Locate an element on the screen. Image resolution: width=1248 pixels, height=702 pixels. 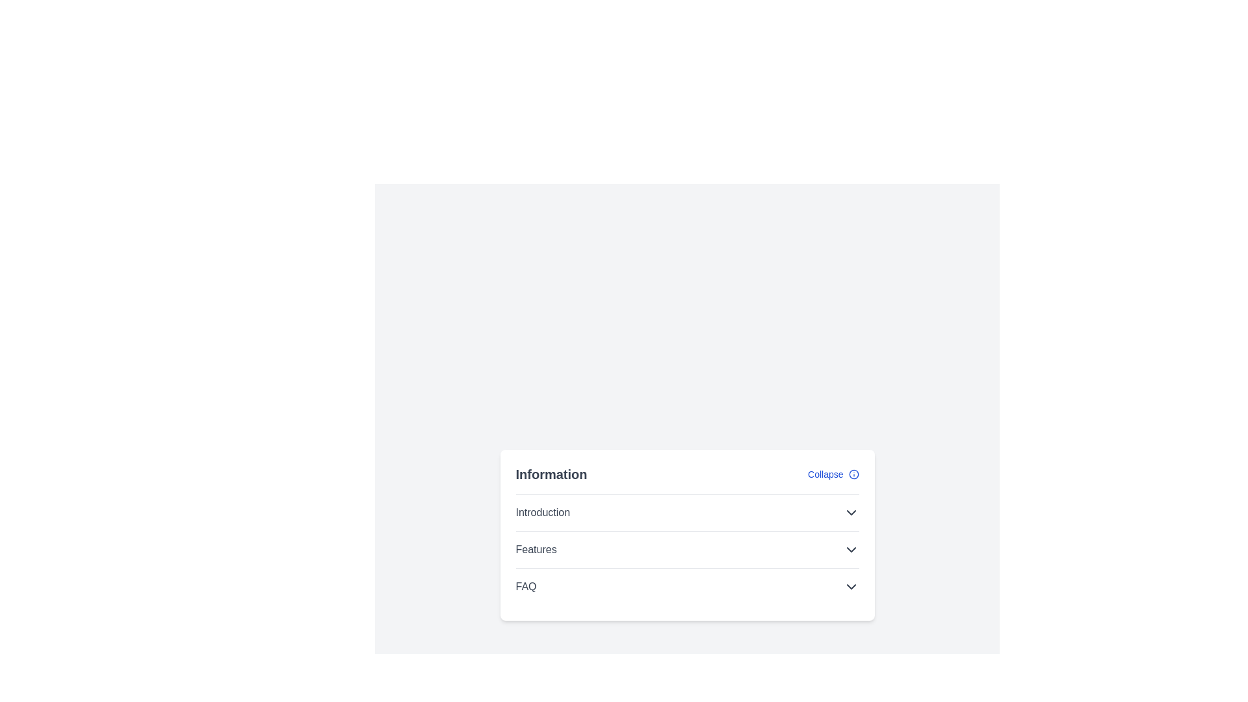
circular SVG graphic element located in the top-right corner of the 'Information' group, adjacent to the 'Collapse' text, to analyze its properties is located at coordinates (853, 474).